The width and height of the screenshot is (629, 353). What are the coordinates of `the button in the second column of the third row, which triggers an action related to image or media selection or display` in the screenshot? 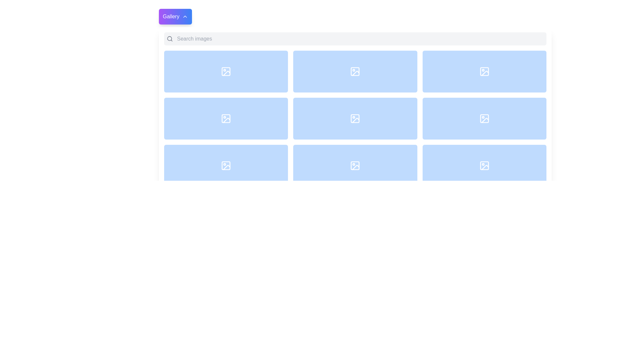 It's located at (355, 165).